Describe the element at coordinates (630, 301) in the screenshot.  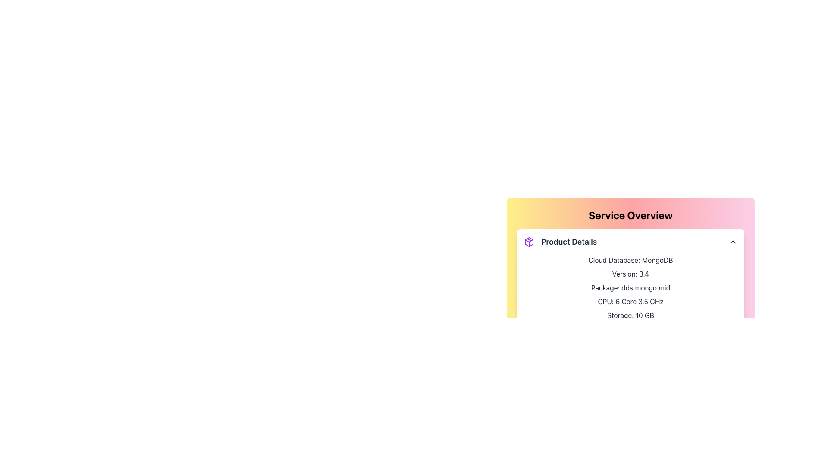
I see `CPU details displayed as 'CPU: 6 Core 3.5 GHz' in the Product Details section under the Service Overview heading` at that location.